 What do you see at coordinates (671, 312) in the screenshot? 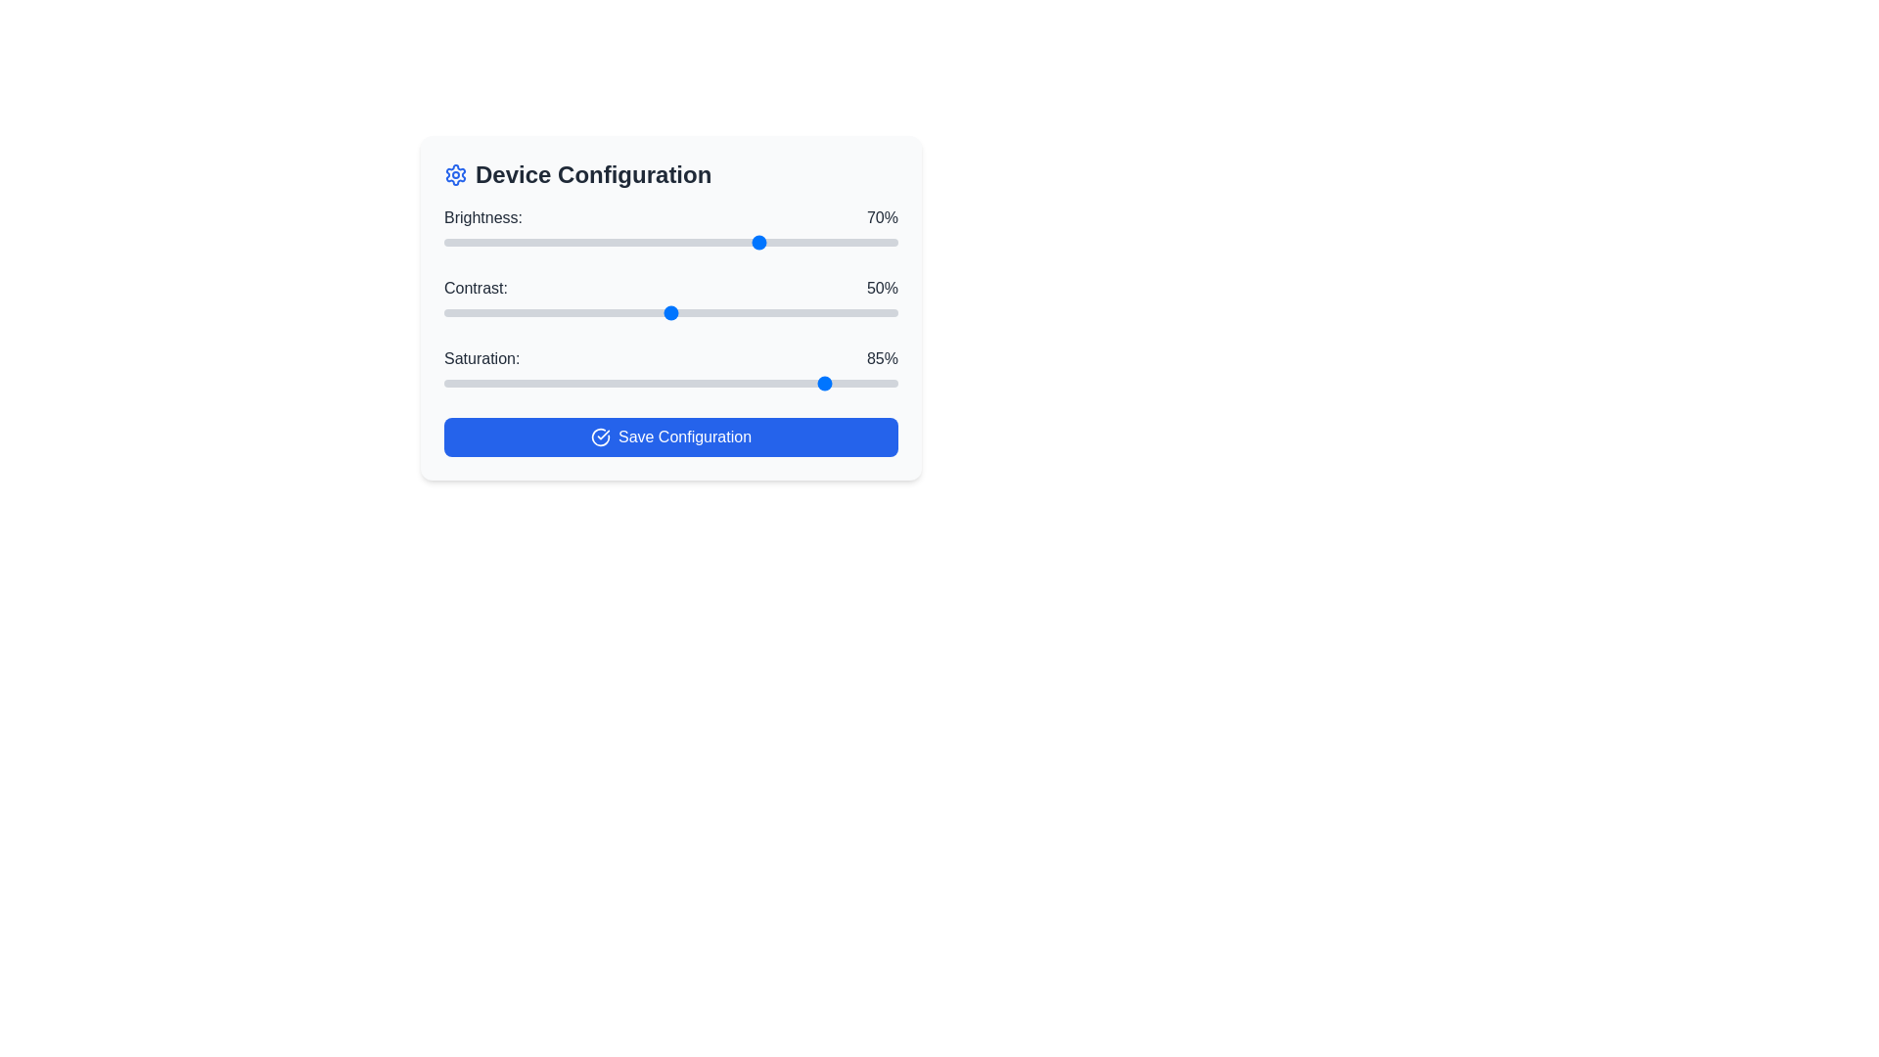
I see `the blue handle of the horizontal slider input located beneath the text 'Contrast: 50%' to potentially reveal additional information` at bounding box center [671, 312].